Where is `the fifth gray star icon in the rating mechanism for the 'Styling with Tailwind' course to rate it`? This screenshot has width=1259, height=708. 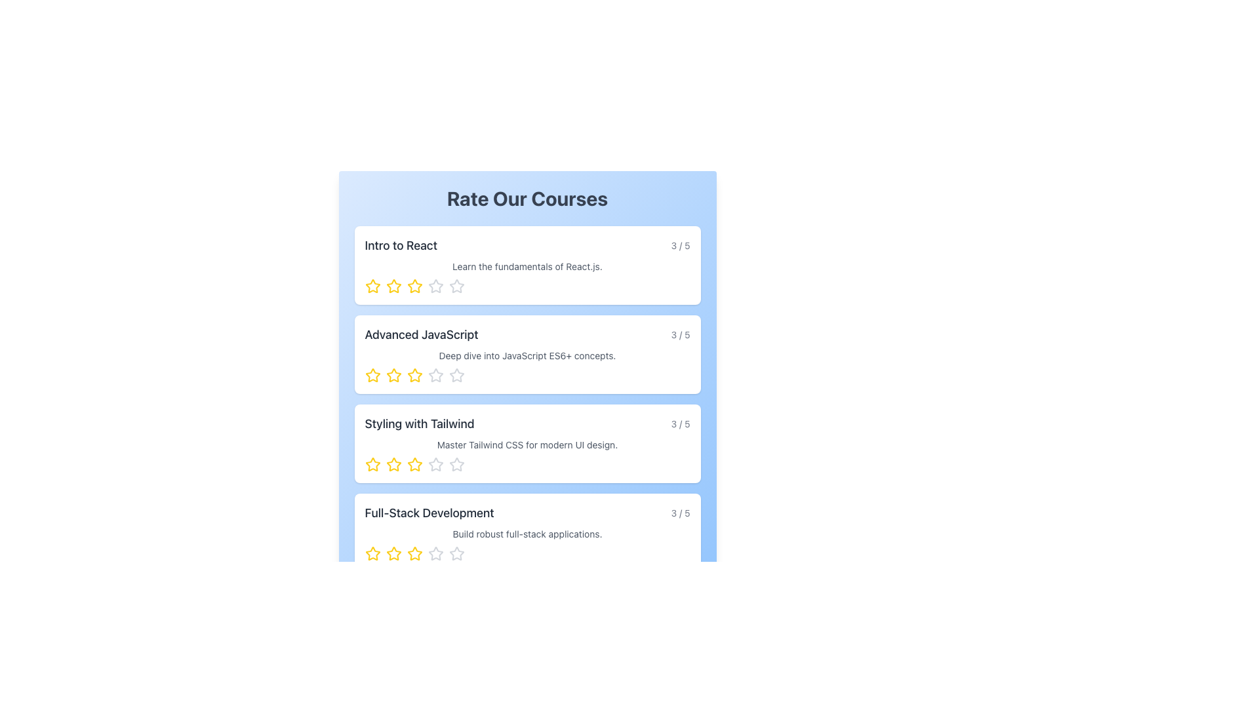 the fifth gray star icon in the rating mechanism for the 'Styling with Tailwind' course to rate it is located at coordinates (456, 464).